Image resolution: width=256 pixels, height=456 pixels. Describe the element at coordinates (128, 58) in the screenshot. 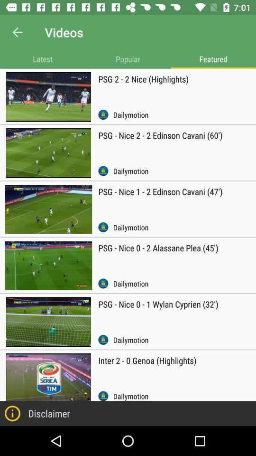

I see `icon below videos` at that location.